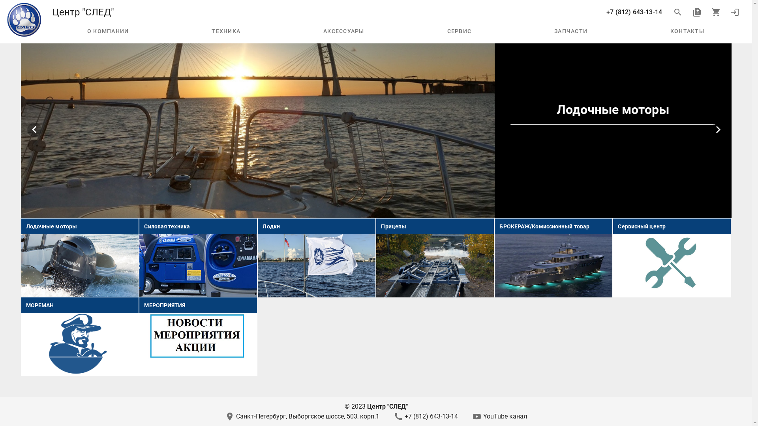  I want to click on 'call, so click(425, 416).